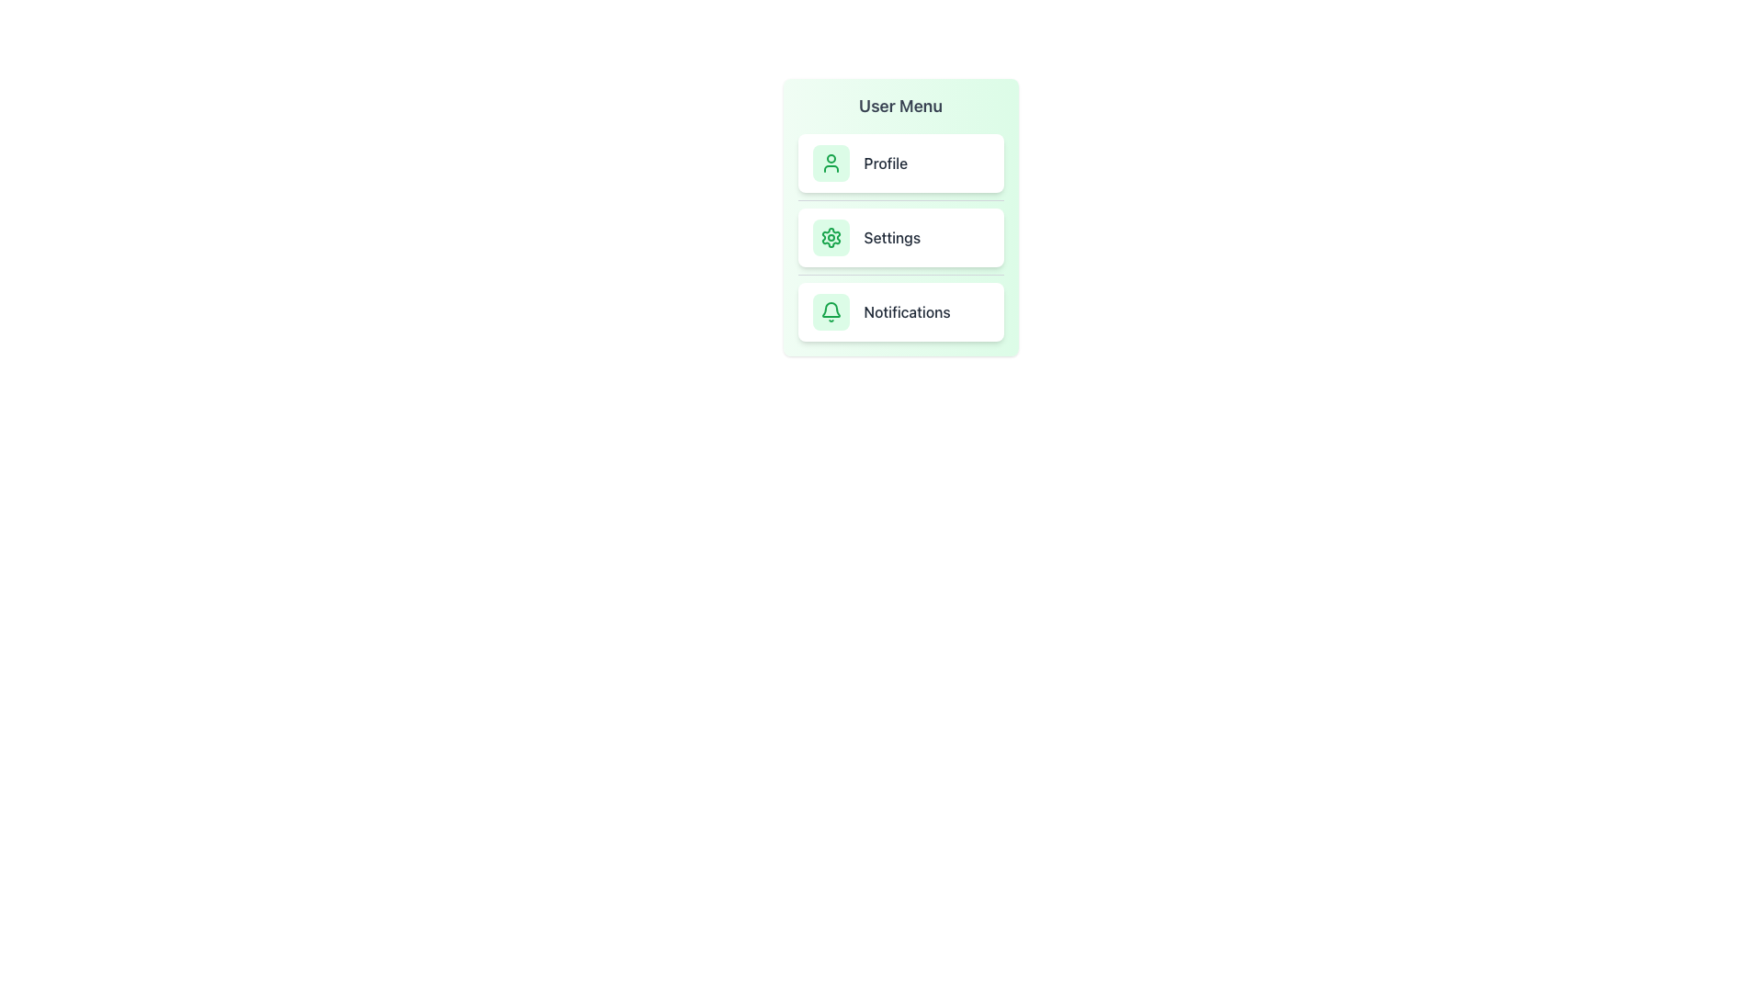  I want to click on the bell icon with a green background and outline, located to the left of the 'Notifications' text, so click(830, 310).